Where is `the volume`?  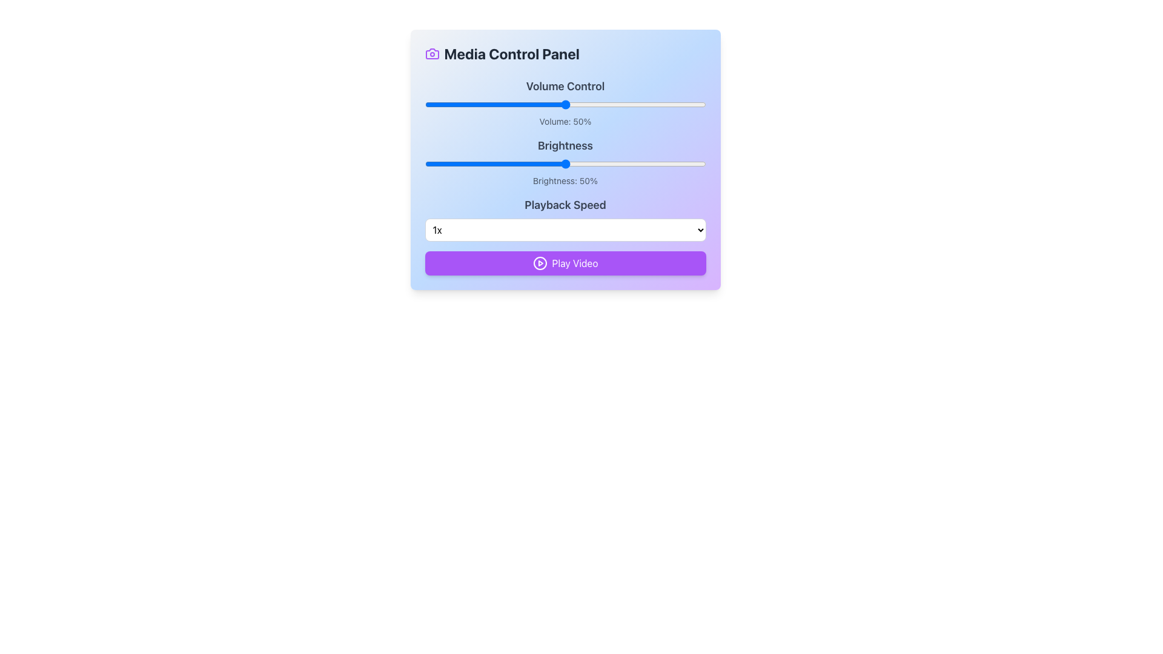 the volume is located at coordinates (632, 104).